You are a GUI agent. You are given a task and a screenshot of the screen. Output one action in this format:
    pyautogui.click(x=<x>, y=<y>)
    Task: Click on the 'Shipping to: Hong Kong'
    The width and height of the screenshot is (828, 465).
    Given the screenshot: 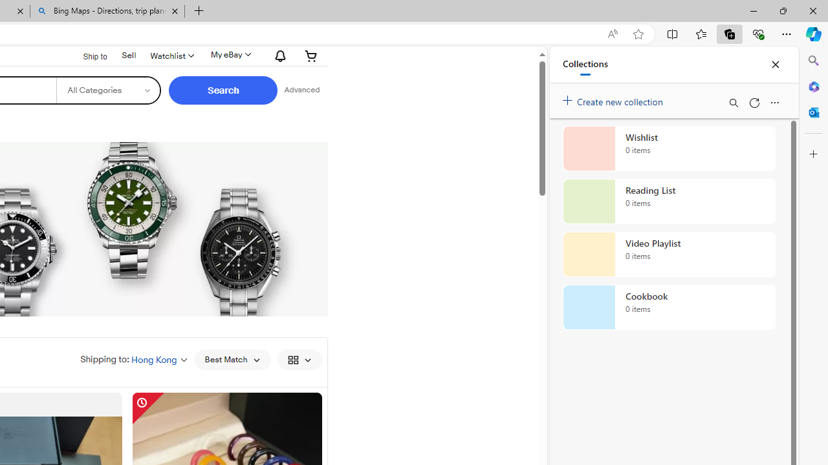 What is the action you would take?
    pyautogui.click(x=134, y=359)
    